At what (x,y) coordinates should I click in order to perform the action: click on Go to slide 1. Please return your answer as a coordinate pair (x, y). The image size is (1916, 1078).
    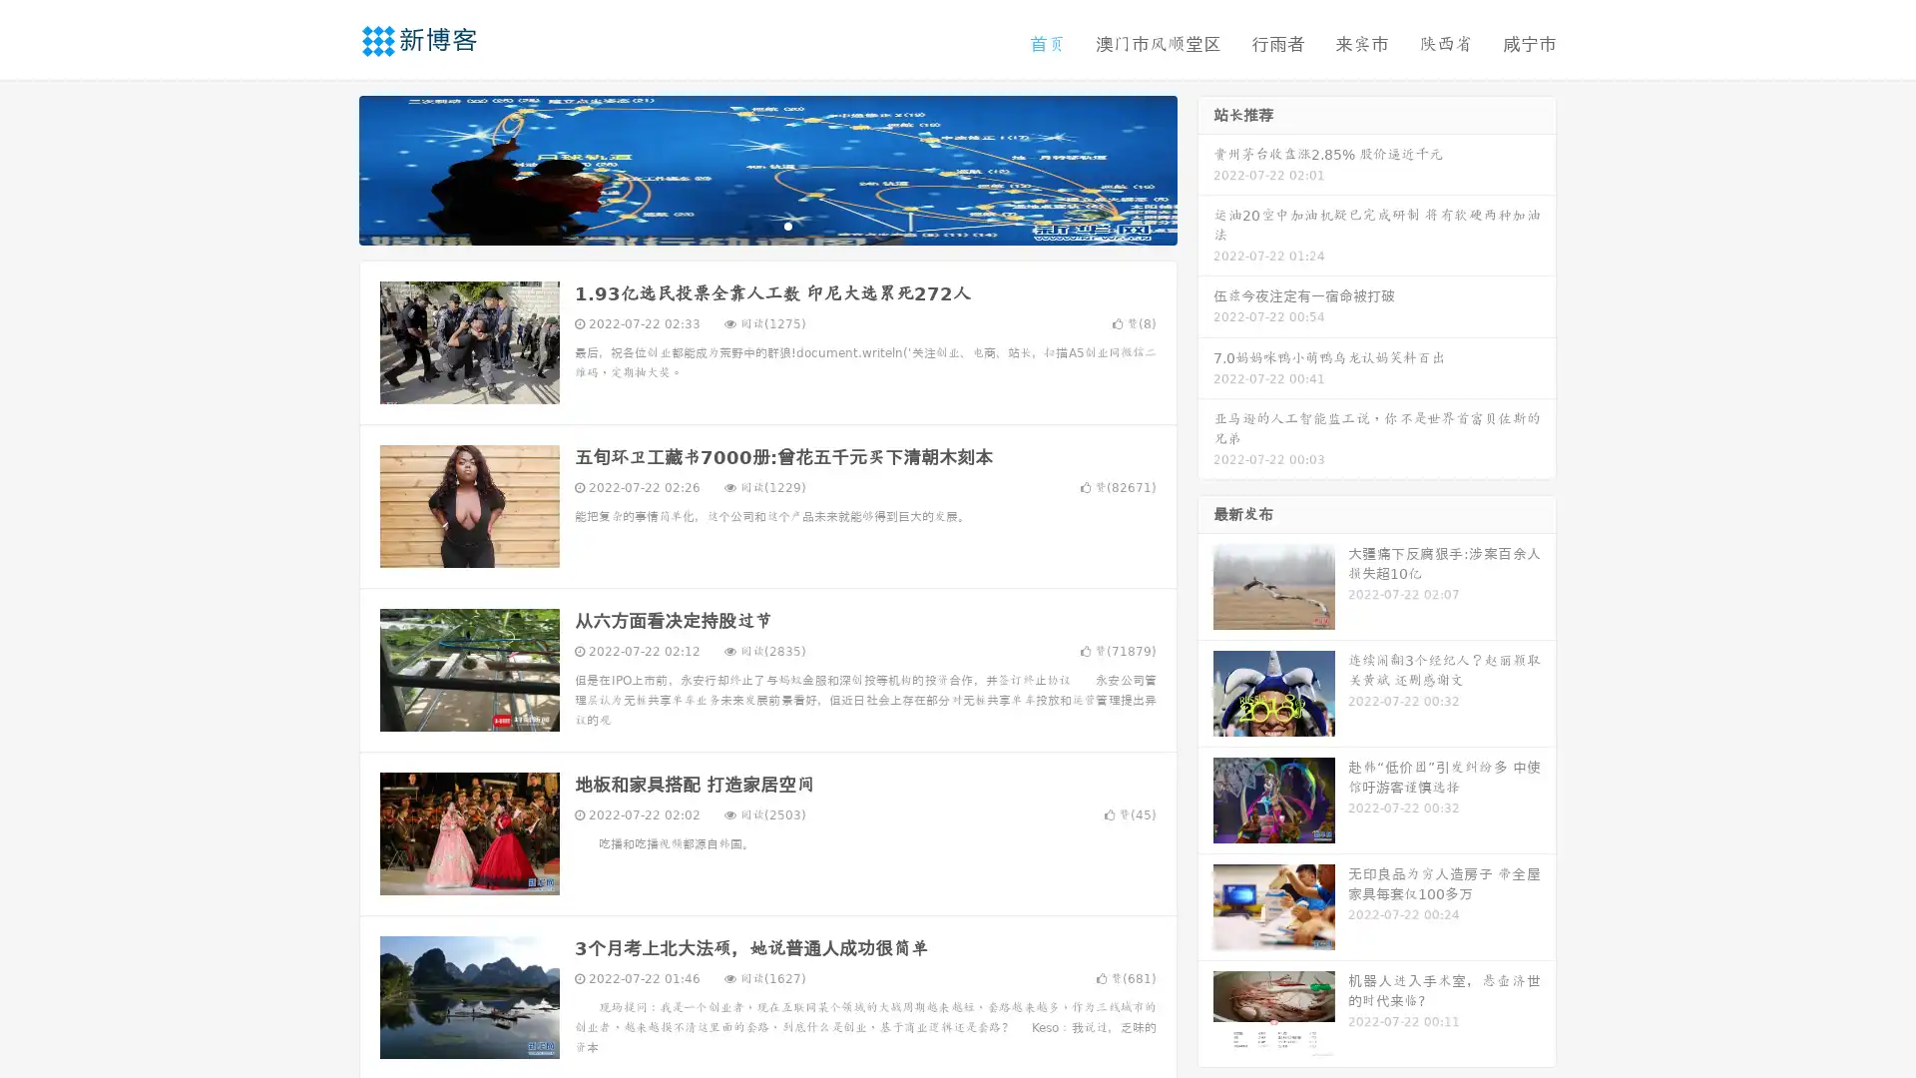
    Looking at the image, I should click on (746, 225).